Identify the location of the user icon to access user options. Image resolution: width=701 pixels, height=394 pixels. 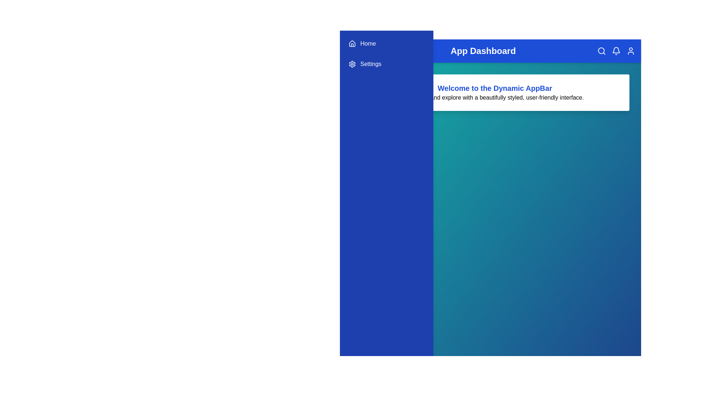
(631, 50).